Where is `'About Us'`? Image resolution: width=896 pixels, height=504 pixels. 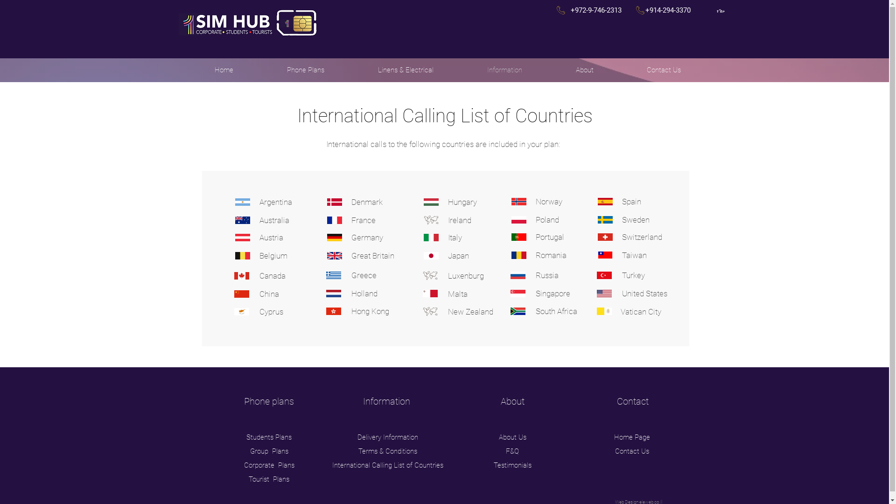 'About Us' is located at coordinates (511, 437).